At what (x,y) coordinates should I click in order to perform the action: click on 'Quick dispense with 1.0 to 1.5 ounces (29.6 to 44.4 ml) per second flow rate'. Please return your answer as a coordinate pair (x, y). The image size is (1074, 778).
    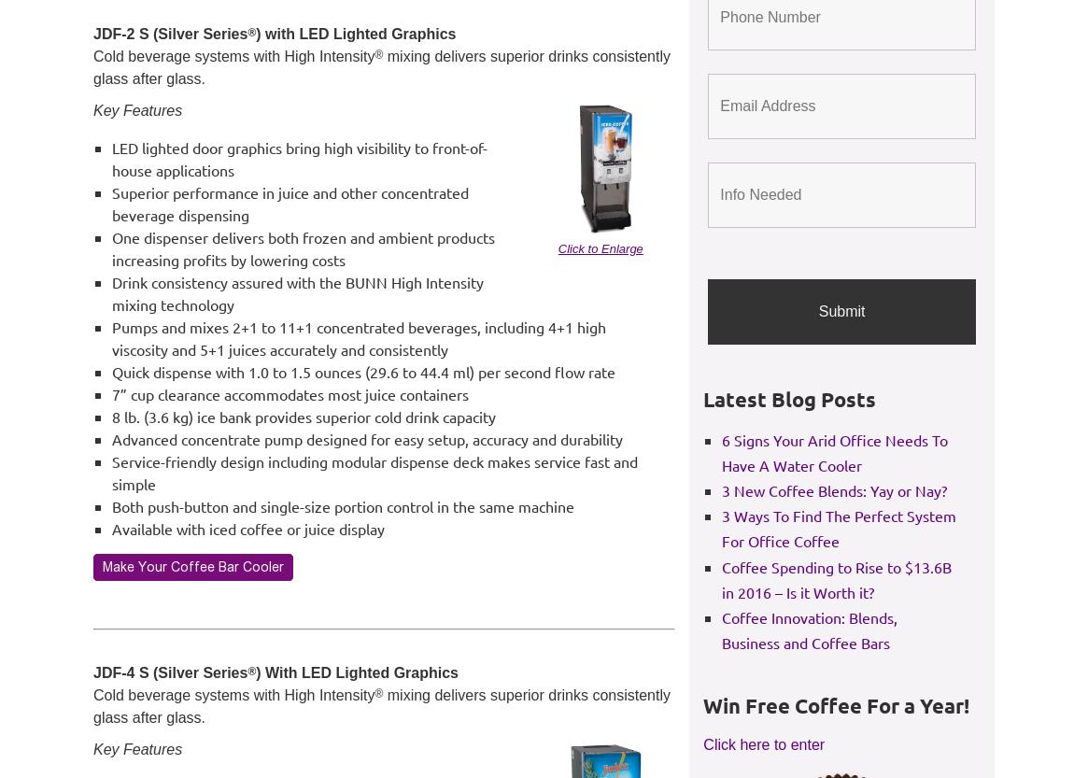
    Looking at the image, I should click on (363, 372).